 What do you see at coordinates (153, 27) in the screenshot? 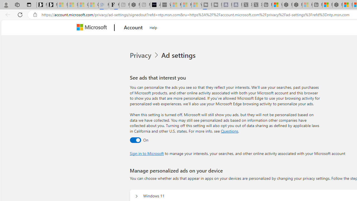
I see `'Help'` at bounding box center [153, 27].